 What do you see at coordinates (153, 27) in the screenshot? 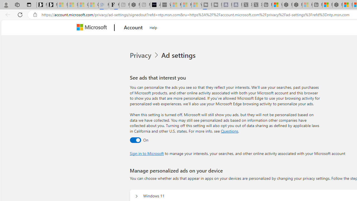
I see `'Help'` at bounding box center [153, 27].